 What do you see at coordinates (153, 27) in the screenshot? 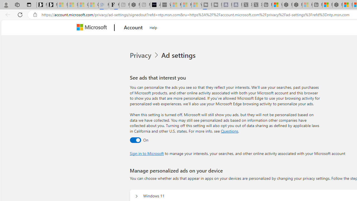
I see `'Help'` at bounding box center [153, 27].